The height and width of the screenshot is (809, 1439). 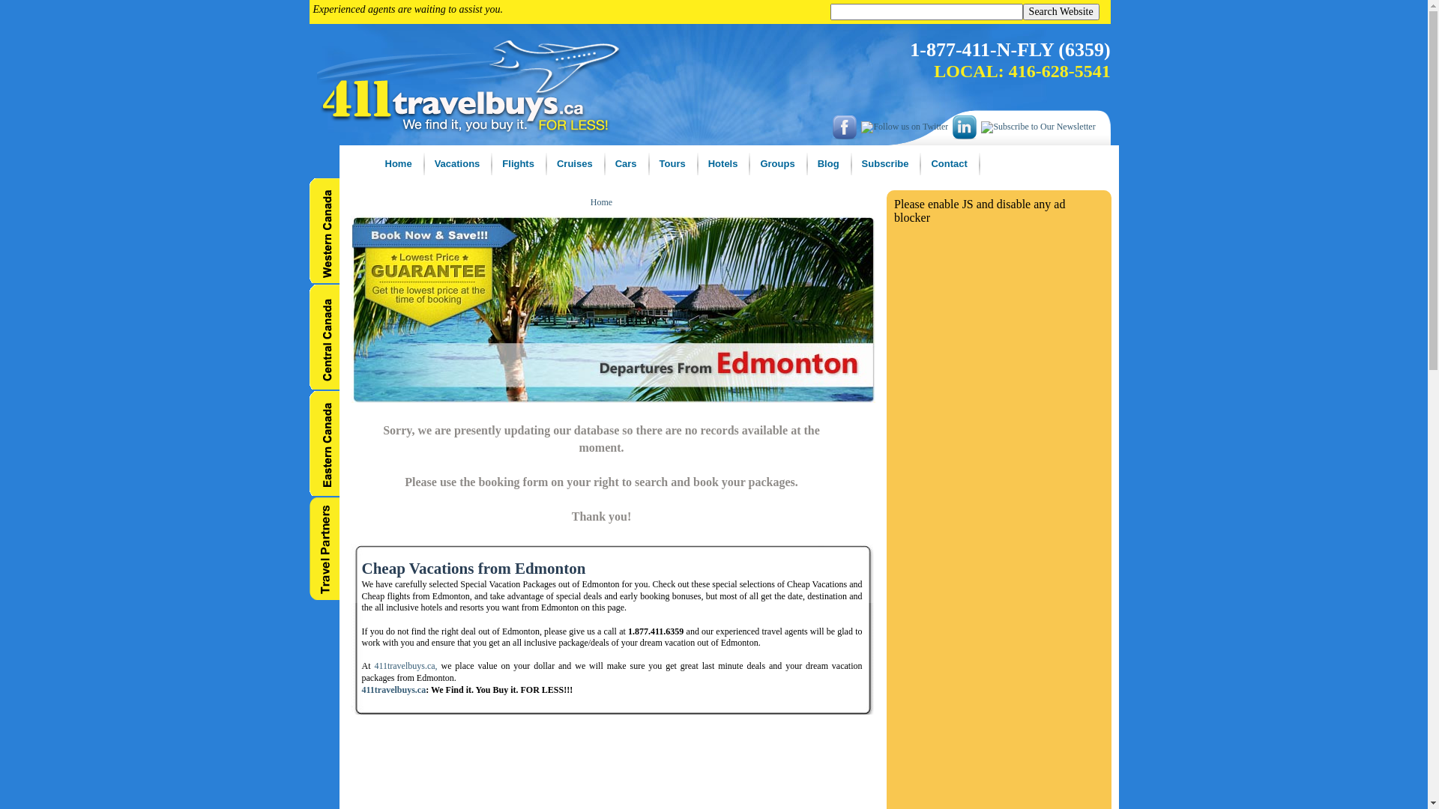 I want to click on 'Groups', so click(x=777, y=164).